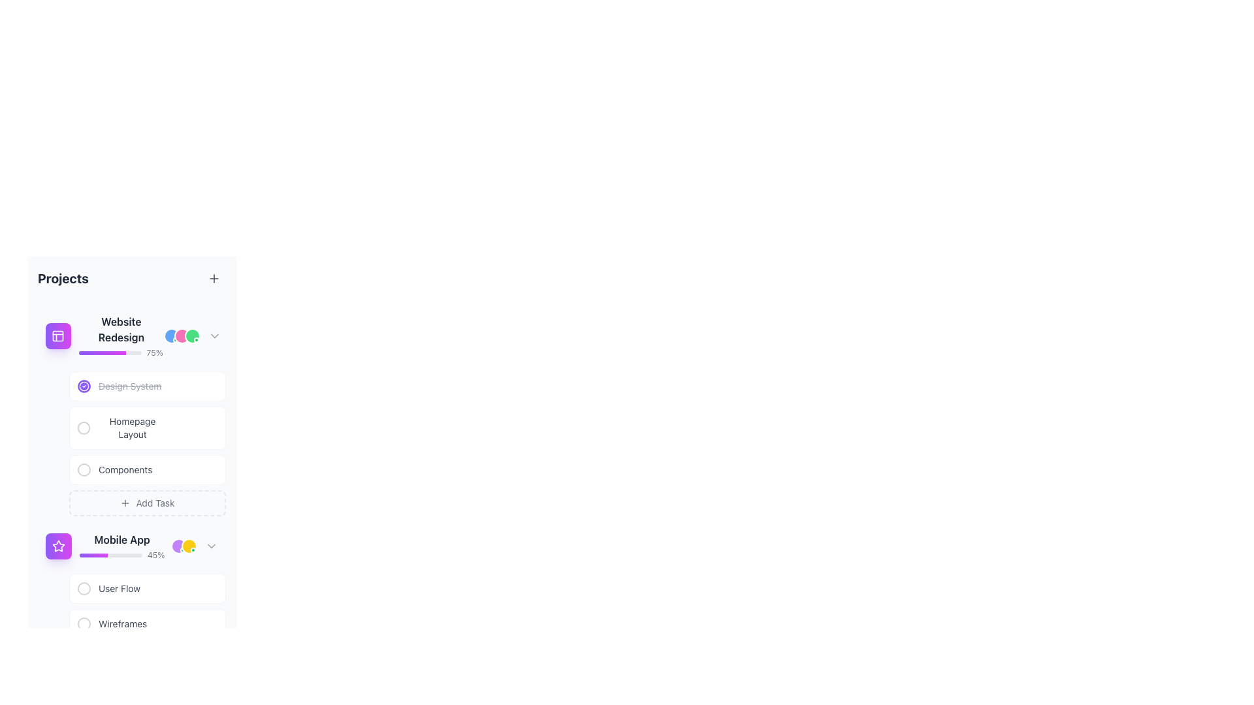 The width and height of the screenshot is (1254, 705). What do you see at coordinates (84, 470) in the screenshot?
I see `the circular button or selector located to the left of the 'Components' text in the 'Website Redesign' section of the 'Projects' sidebar` at bounding box center [84, 470].